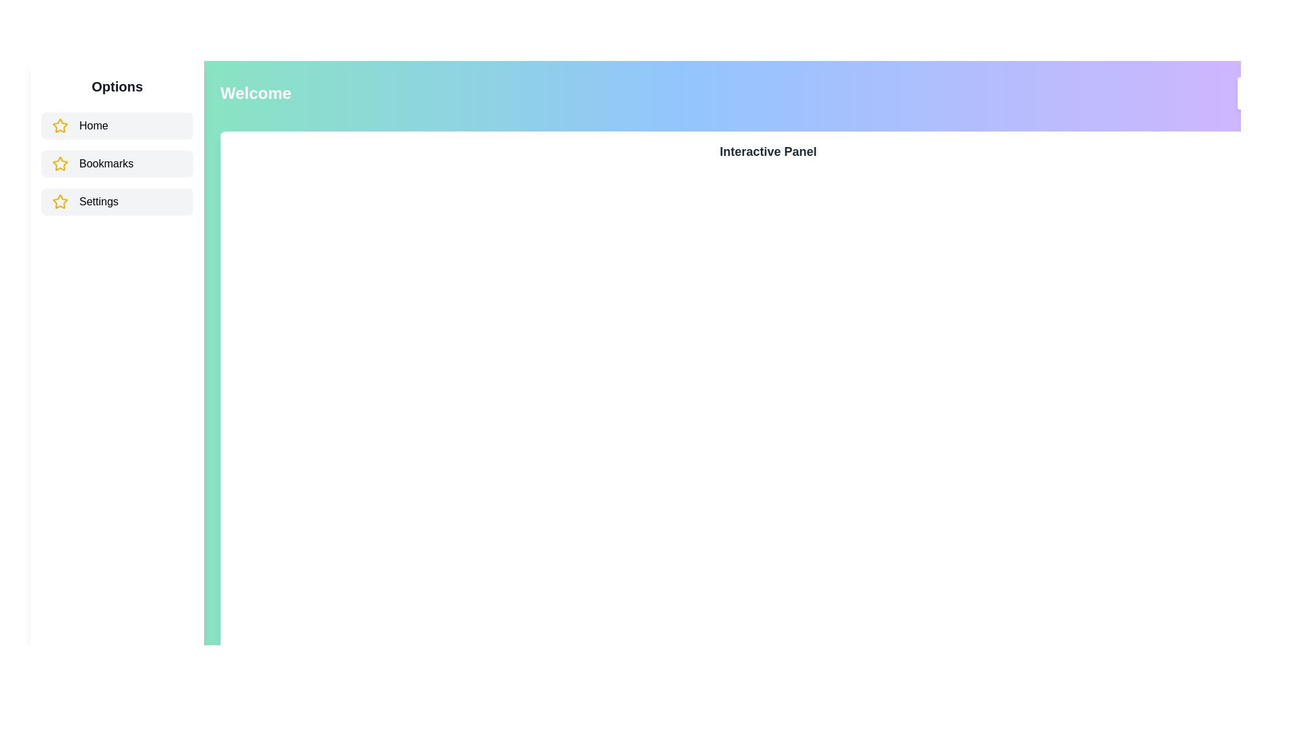 This screenshot has width=1302, height=732. Describe the element at coordinates (117, 201) in the screenshot. I see `the navigation button located in the left sidebar, positioned below the 'Bookmarks' button` at that location.